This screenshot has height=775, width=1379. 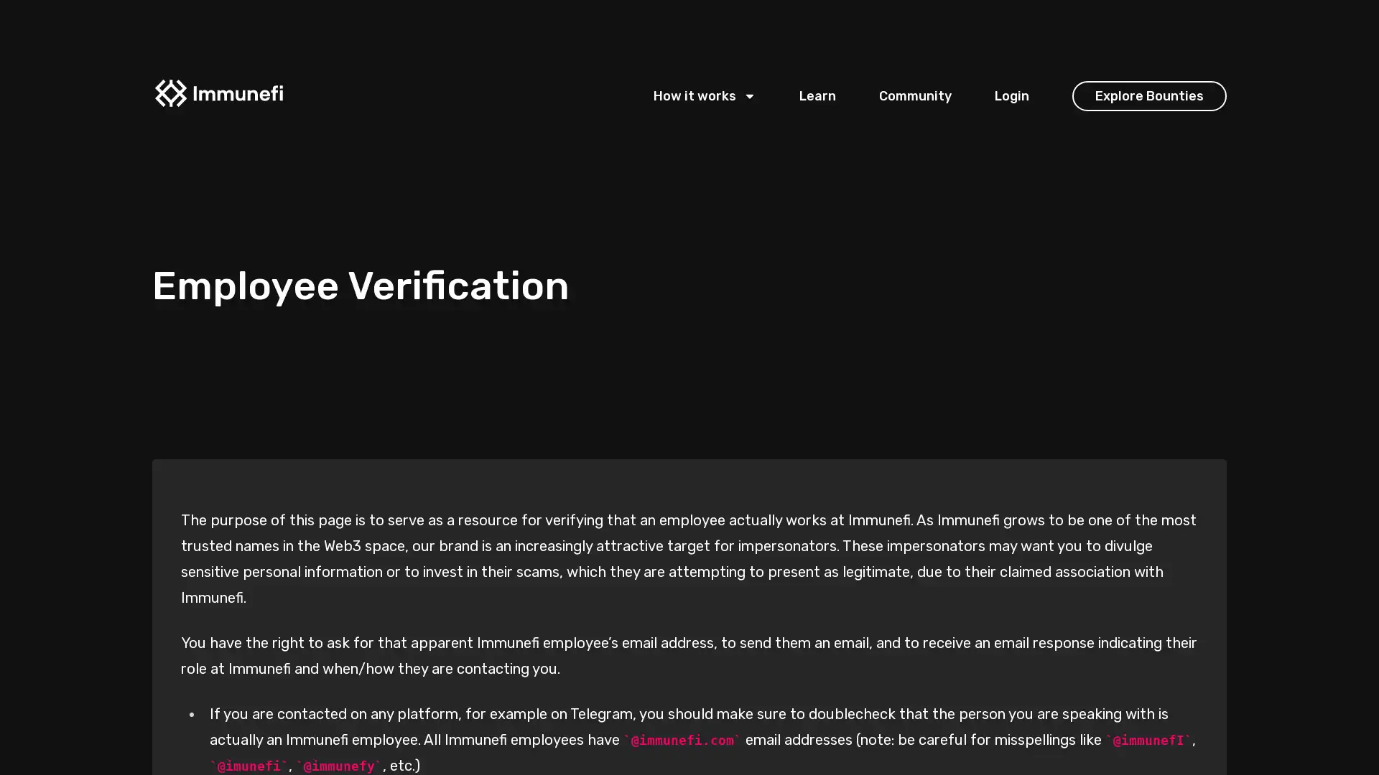 I want to click on How it works, so click(x=705, y=95).